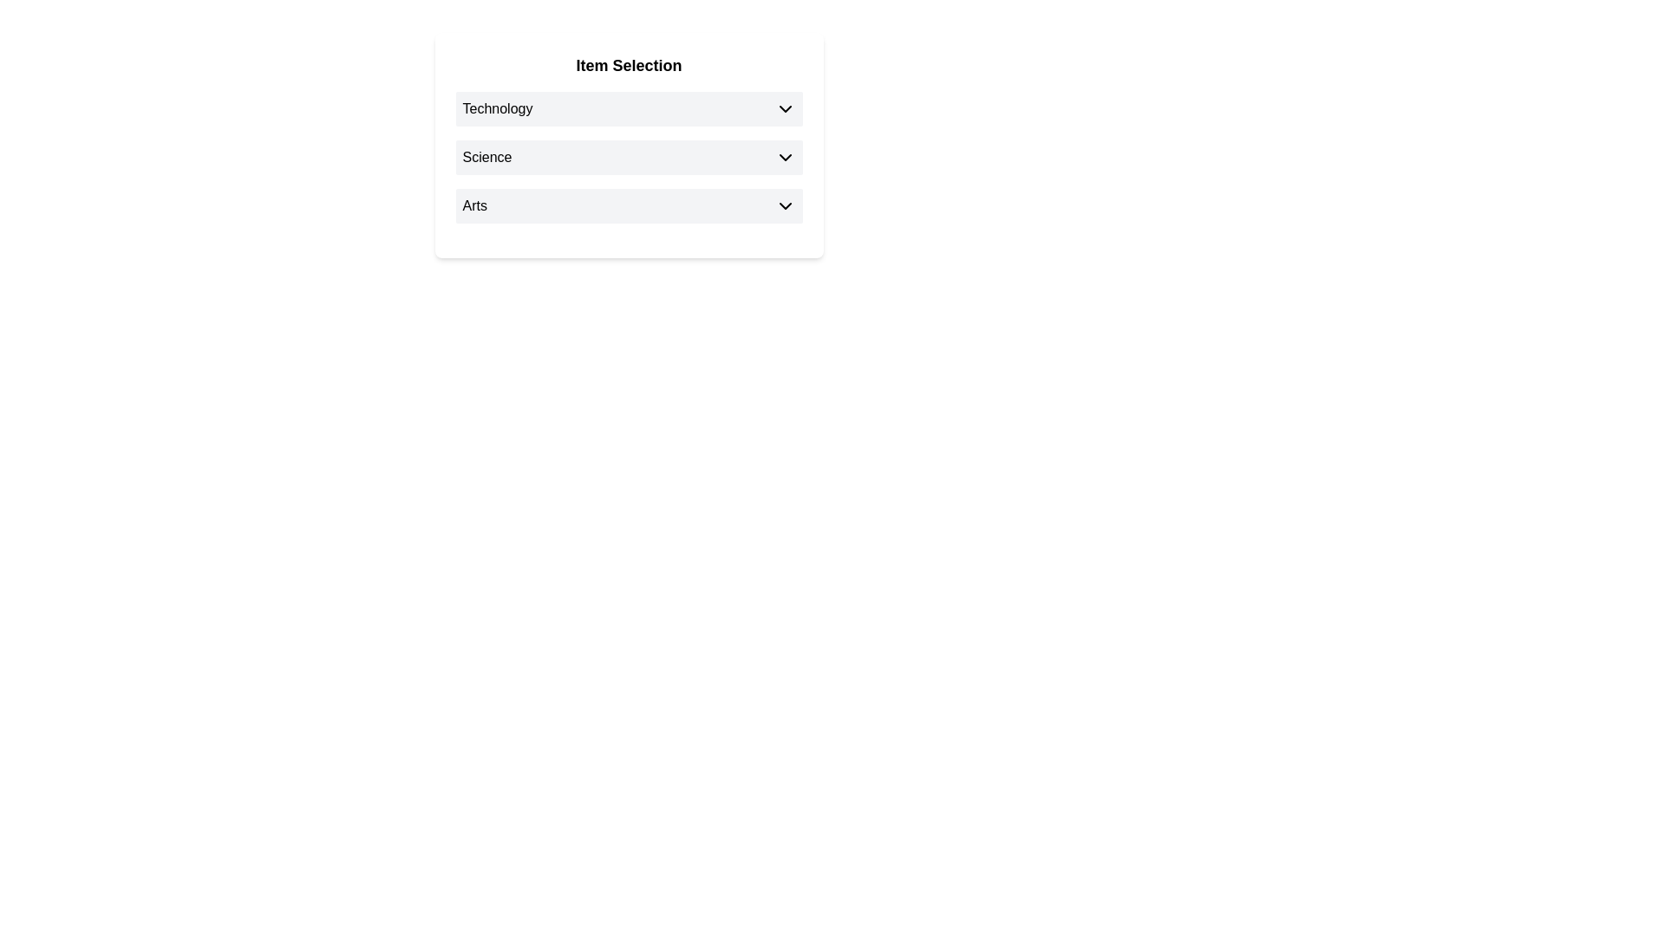  I want to click on the text label reading 'Science', which is styled in black color and positioned within a light gray background alongside a dropdown indicator icon, so click(486, 157).